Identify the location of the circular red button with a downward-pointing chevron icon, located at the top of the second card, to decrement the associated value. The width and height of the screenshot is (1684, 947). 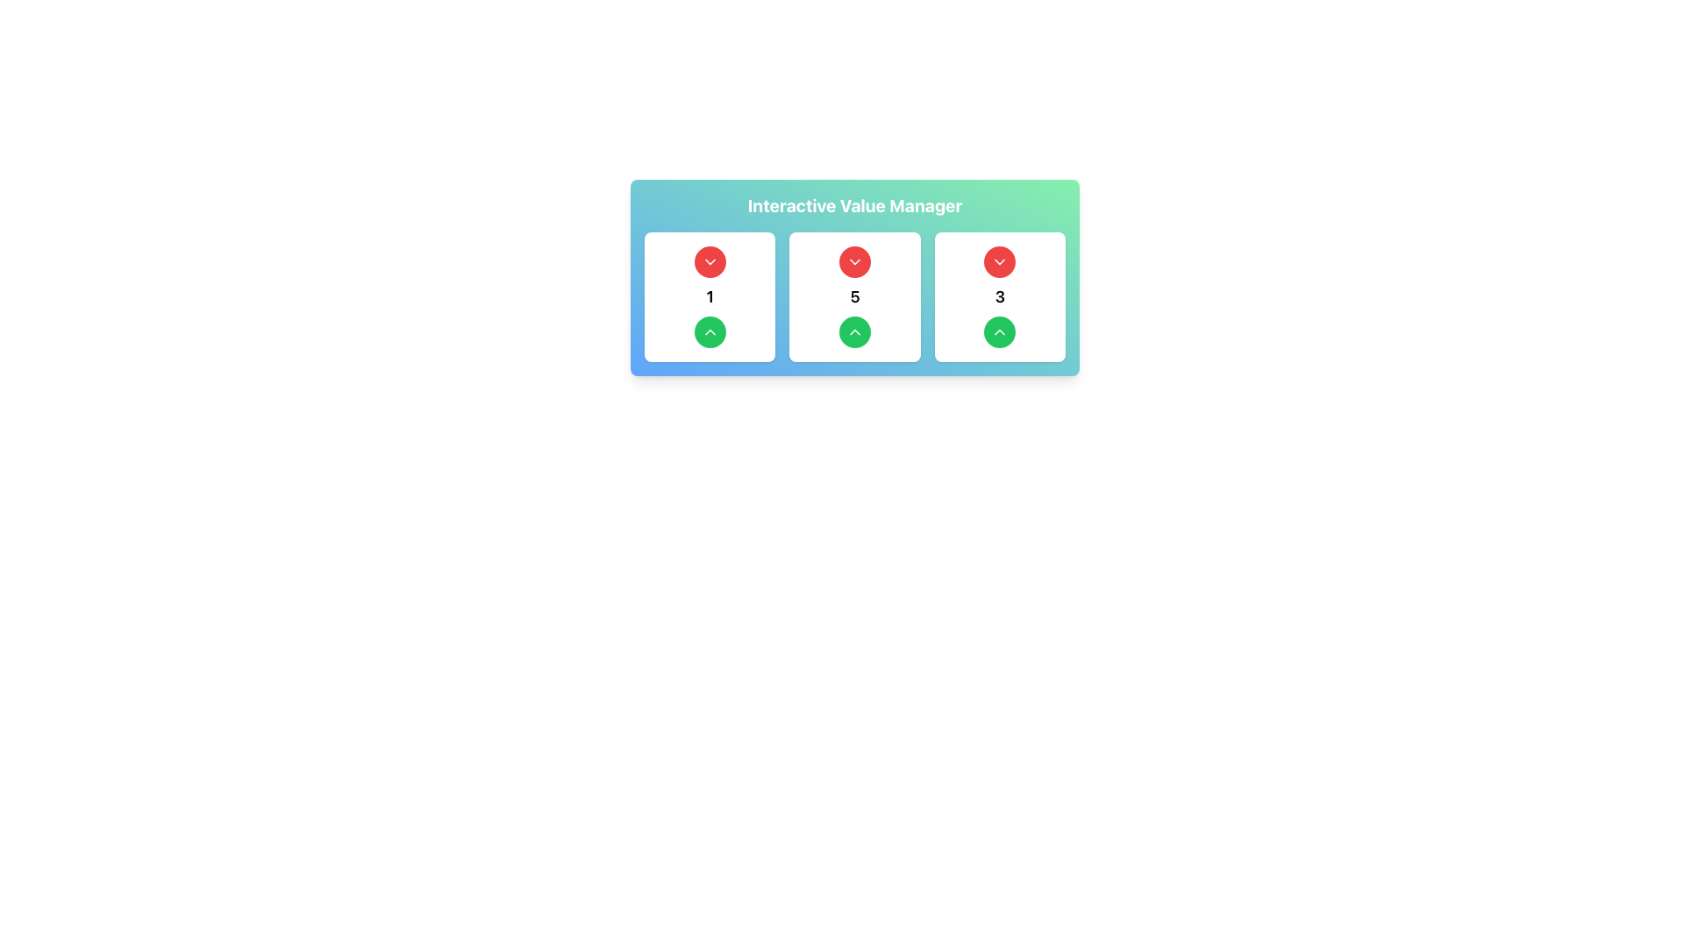
(854, 262).